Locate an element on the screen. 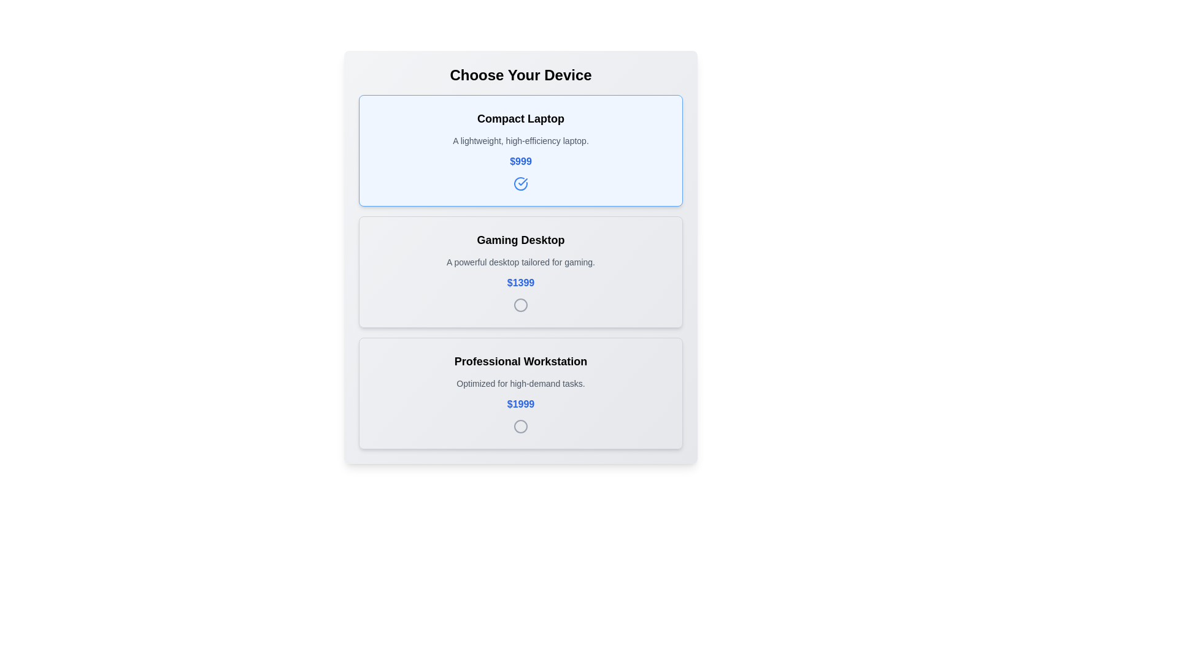  prominent black bold text 'Professional Workstation' located at the top of the bordered box containing workstation details is located at coordinates (521, 361).